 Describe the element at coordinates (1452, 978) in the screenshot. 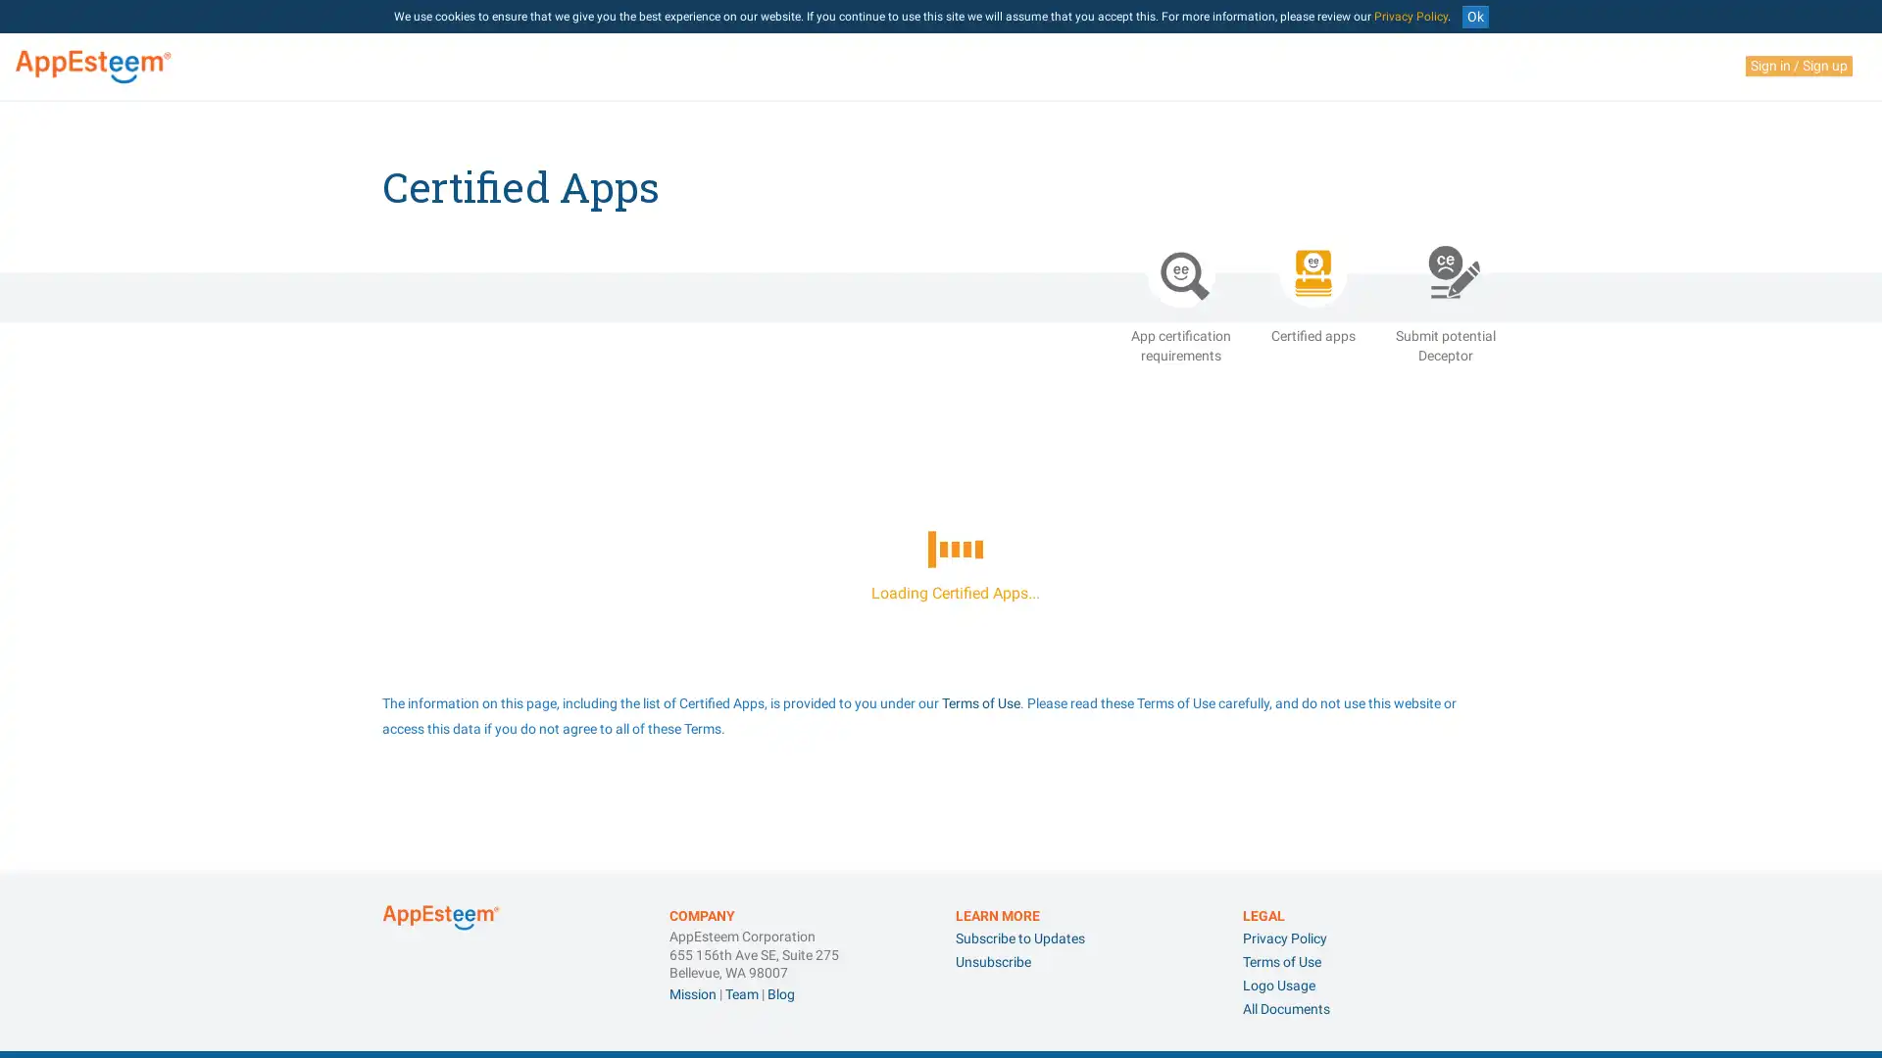

I see `Next` at that location.